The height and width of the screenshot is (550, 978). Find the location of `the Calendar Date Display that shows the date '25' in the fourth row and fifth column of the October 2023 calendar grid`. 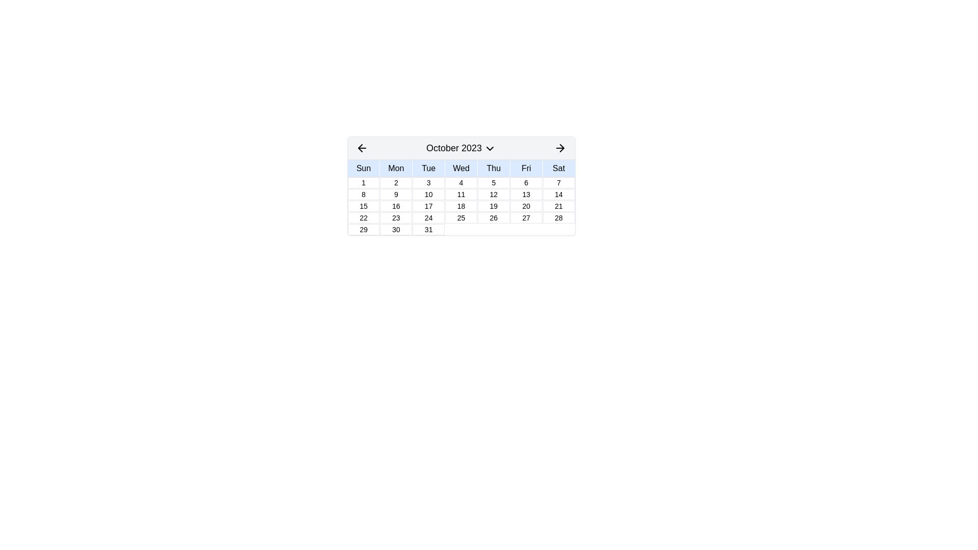

the Calendar Date Display that shows the date '25' in the fourth row and fifth column of the October 2023 calendar grid is located at coordinates (460, 217).